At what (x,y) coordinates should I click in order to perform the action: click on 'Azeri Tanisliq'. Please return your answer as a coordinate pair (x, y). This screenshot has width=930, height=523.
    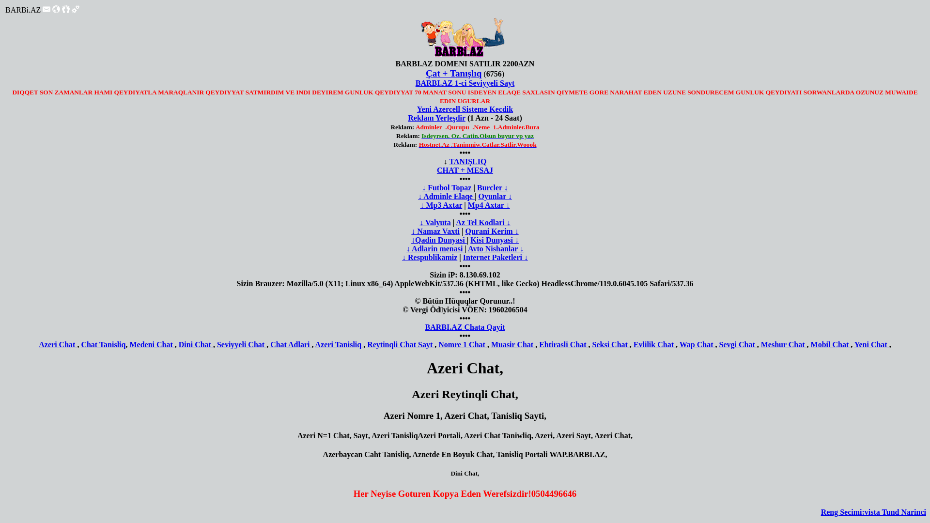
    Looking at the image, I should click on (339, 344).